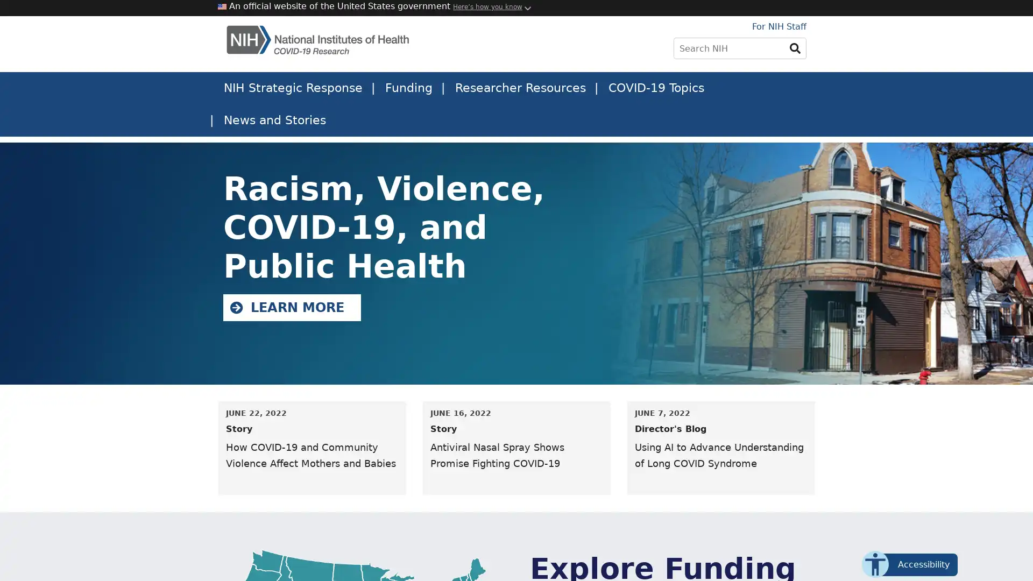 This screenshot has height=581, width=1033. What do you see at coordinates (487, 6) in the screenshot?
I see `Heres how you know` at bounding box center [487, 6].